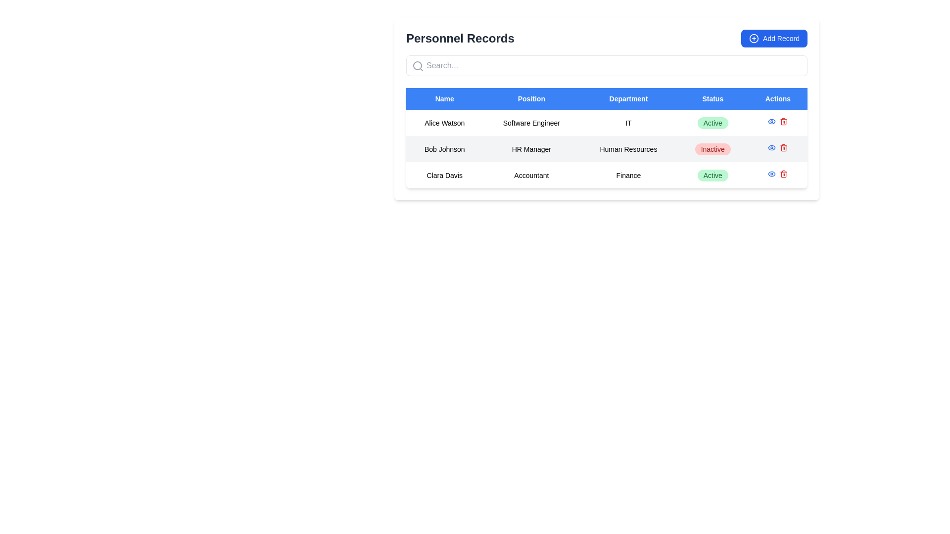 This screenshot has height=534, width=950. What do you see at coordinates (628, 122) in the screenshot?
I see `the static text element indicating the department association for the individual in the first row of the table, specifically under the 'Department' header, located between 'Software Engineer' and 'Active'` at bounding box center [628, 122].